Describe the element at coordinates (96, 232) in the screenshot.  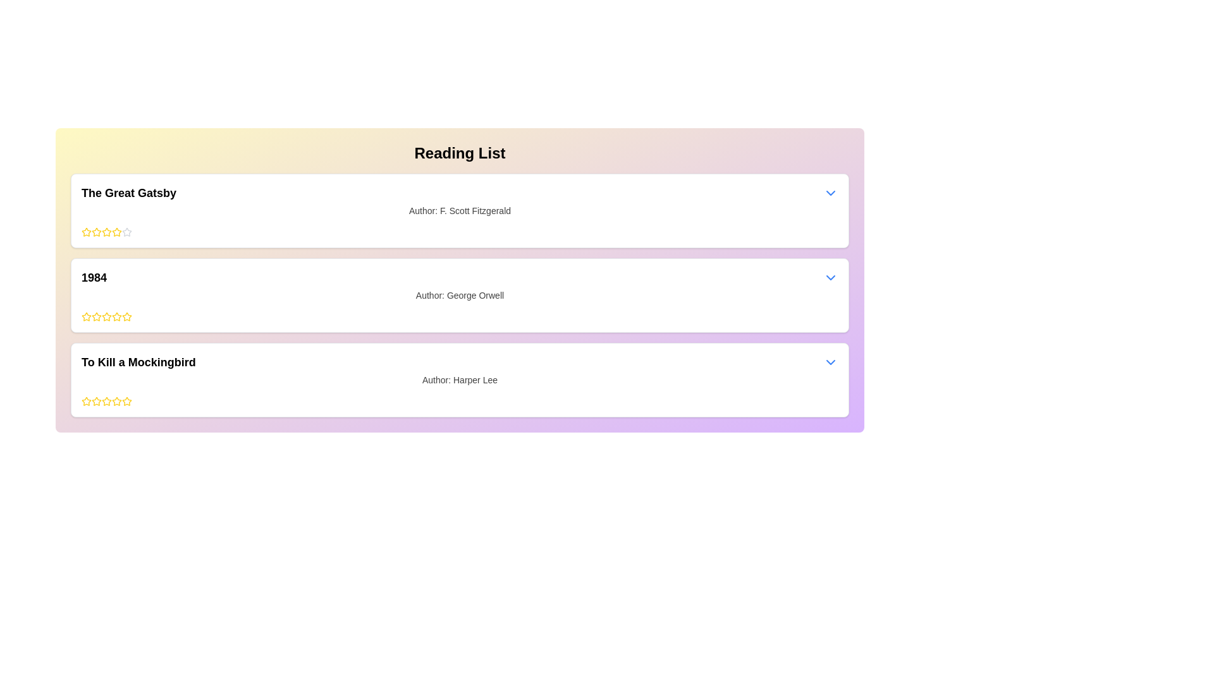
I see `the third star rating icon for 'The Great Gatsby', which is displayed horizontally under the title` at that location.